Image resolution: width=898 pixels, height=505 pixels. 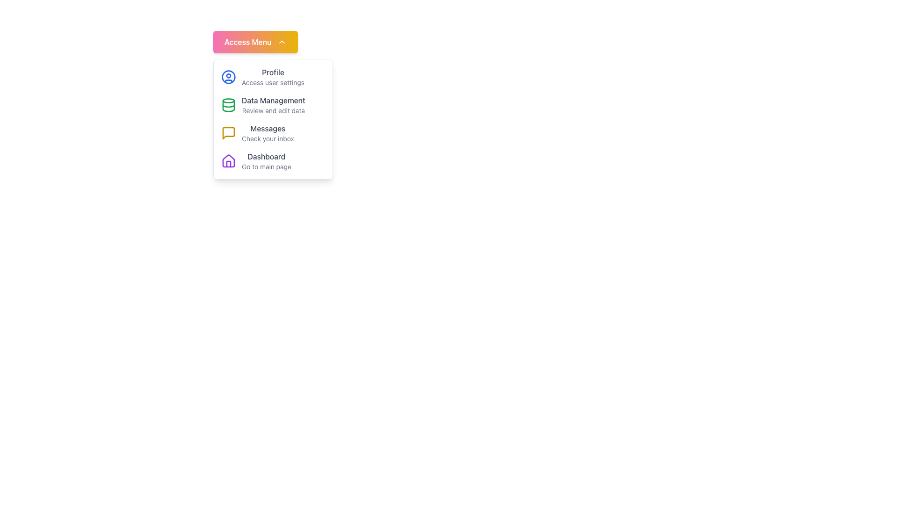 I want to click on the button at the top left of the dropdown menu, so click(x=255, y=41).